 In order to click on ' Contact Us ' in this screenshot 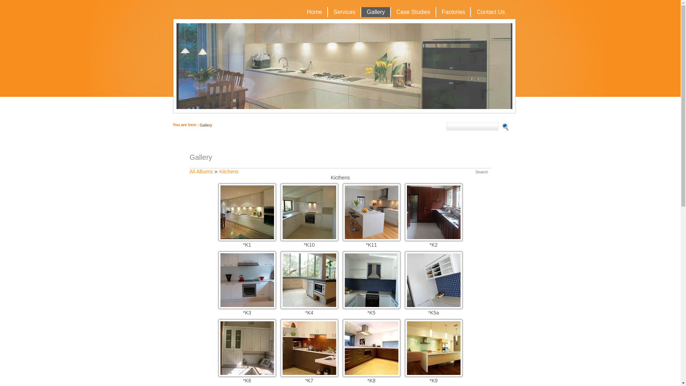, I will do `click(490, 12)`.